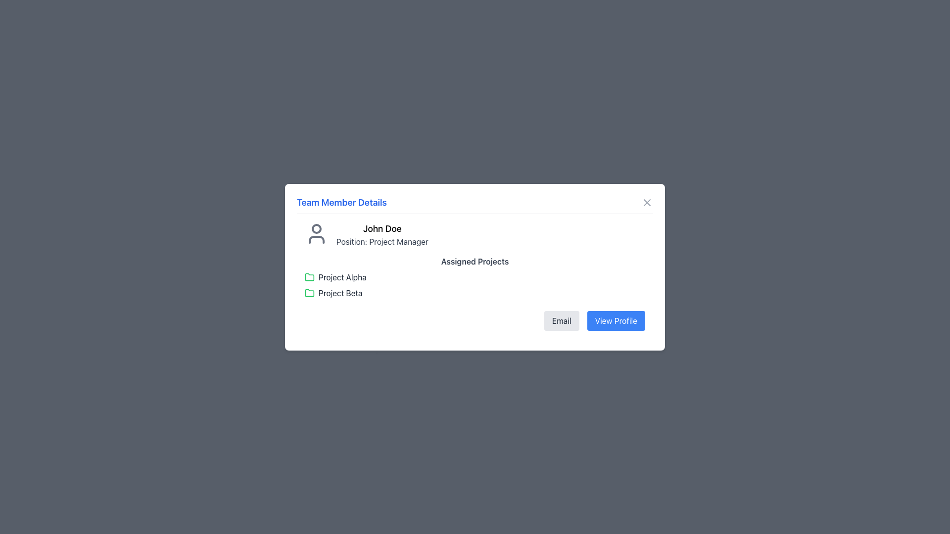  I want to click on lower part of the user icon represented by the Icon component in the SVG graphic, located below the circular component and above the name 'John Doe', so click(316, 239).